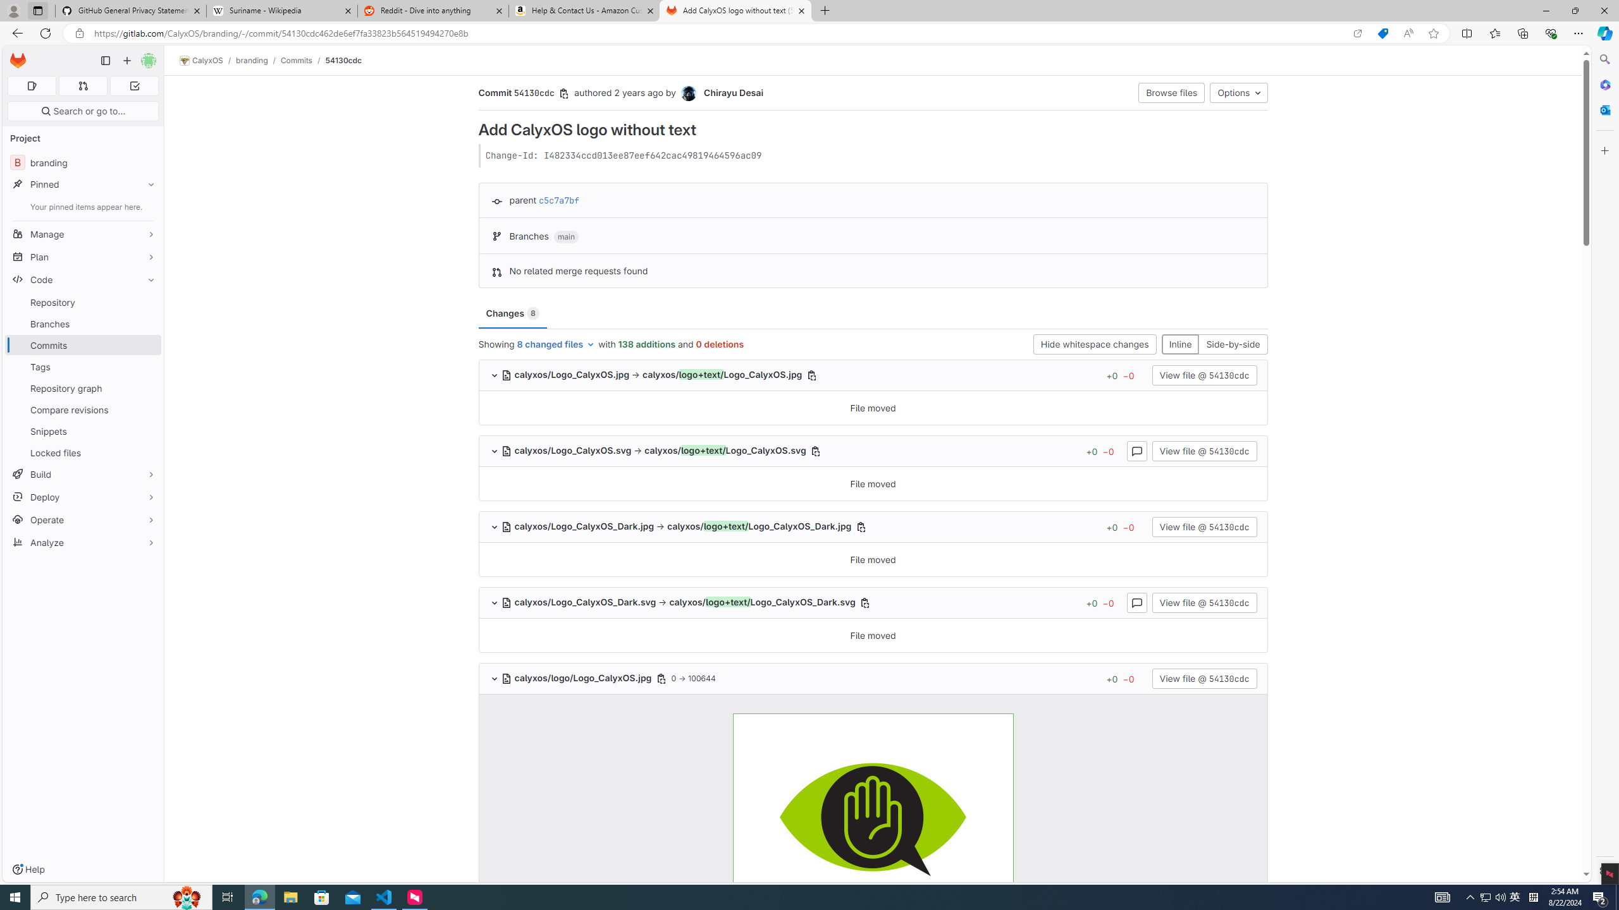 This screenshot has height=910, width=1619. I want to click on 'CalyxOS/', so click(207, 60).